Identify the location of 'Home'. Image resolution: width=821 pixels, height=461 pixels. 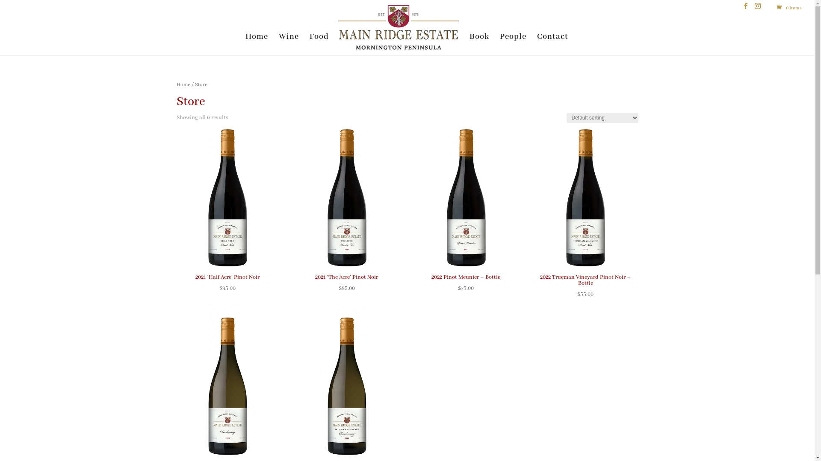
(256, 43).